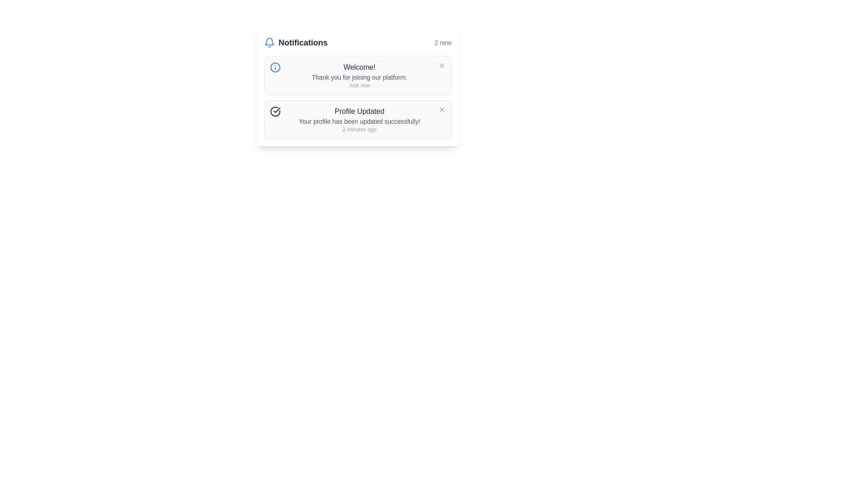 This screenshot has width=864, height=486. What do you see at coordinates (442, 109) in the screenshot?
I see `the close button located in the top-right corner of the 'Profile Updated' notification` at bounding box center [442, 109].